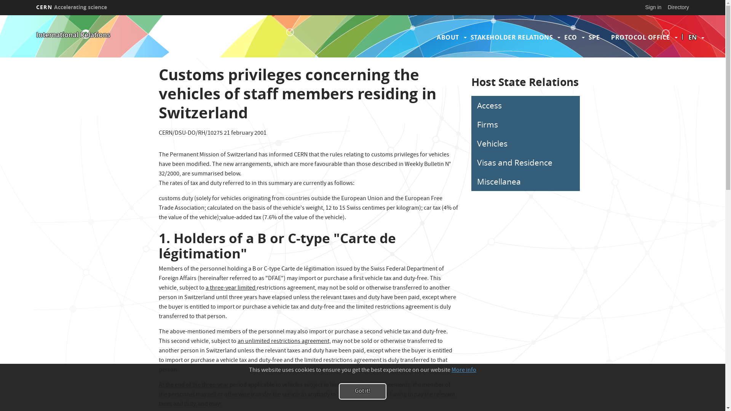 This screenshot has width=731, height=411. Describe the element at coordinates (448, 37) in the screenshot. I see `'ABOUT'` at that location.